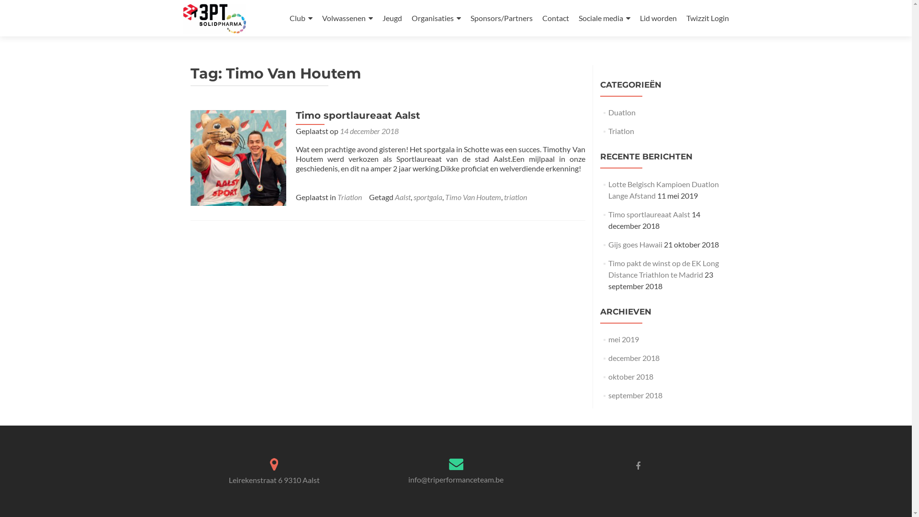 This screenshot has width=919, height=517. Describe the element at coordinates (604, 18) in the screenshot. I see `'Sociale media'` at that location.